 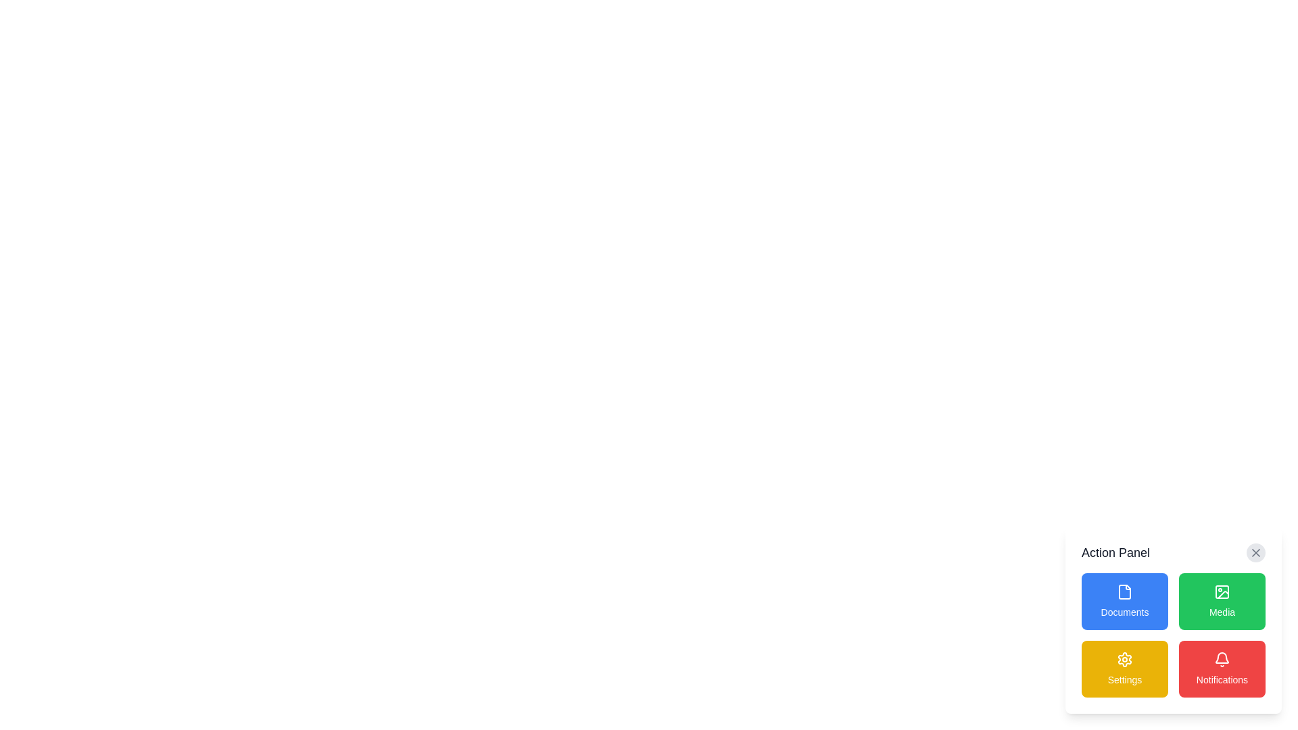 What do you see at coordinates (1125, 601) in the screenshot?
I see `the button in the upper-left corner of the 2x2 grid in the 'Action Panel'` at bounding box center [1125, 601].